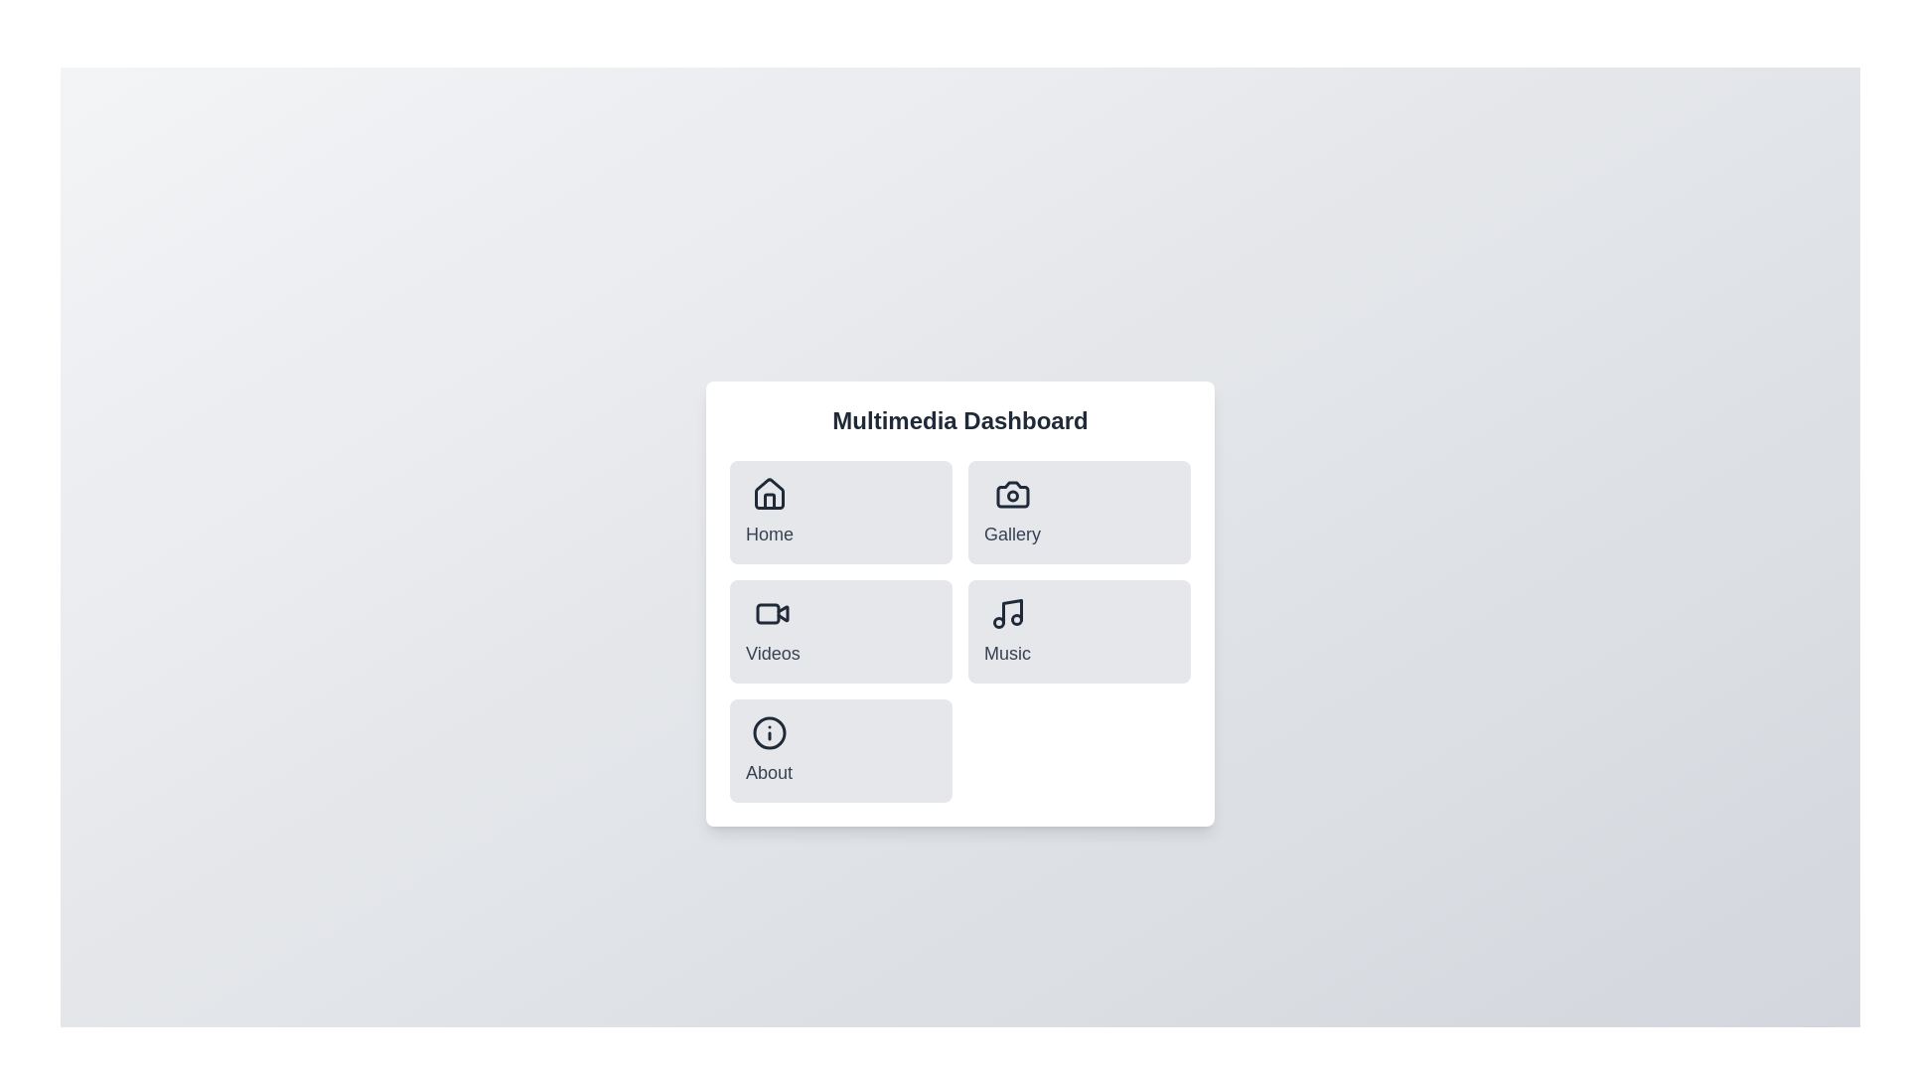 This screenshot has height=1073, width=1907. Describe the element at coordinates (1006, 632) in the screenshot. I see `the menu item labeled Music to display its description` at that location.